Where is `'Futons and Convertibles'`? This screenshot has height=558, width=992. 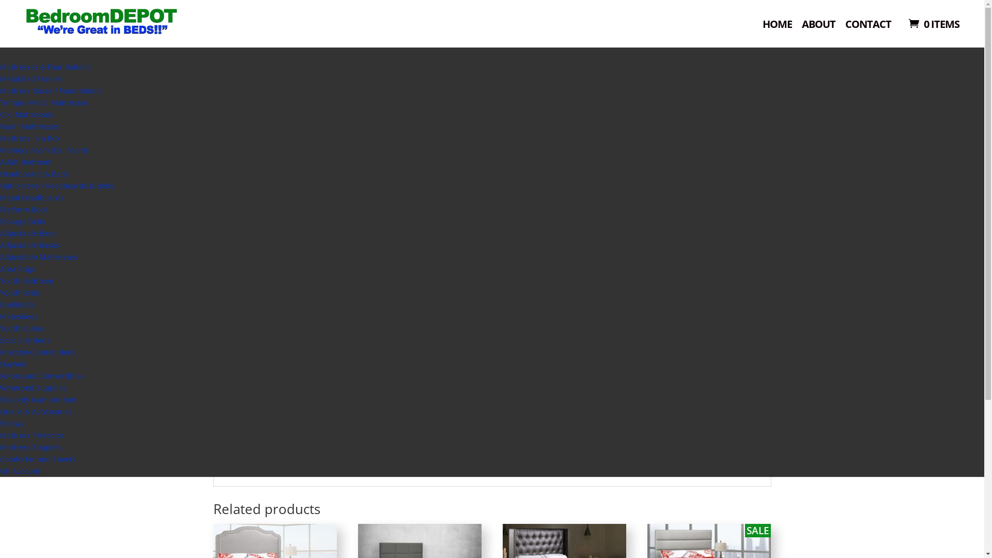 'Futons and Convertibles' is located at coordinates (41, 376).